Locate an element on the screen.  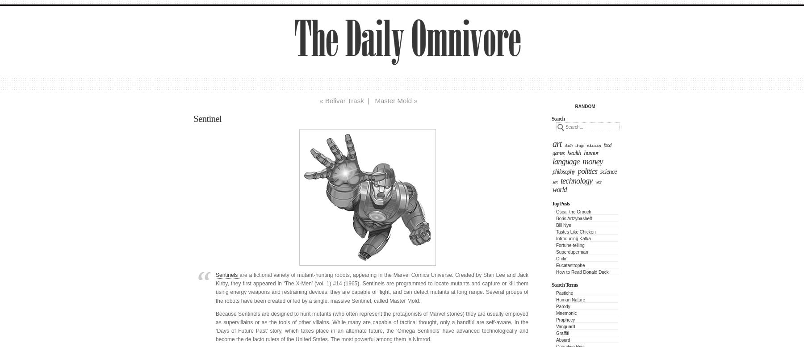
'|' is located at coordinates (369, 100).